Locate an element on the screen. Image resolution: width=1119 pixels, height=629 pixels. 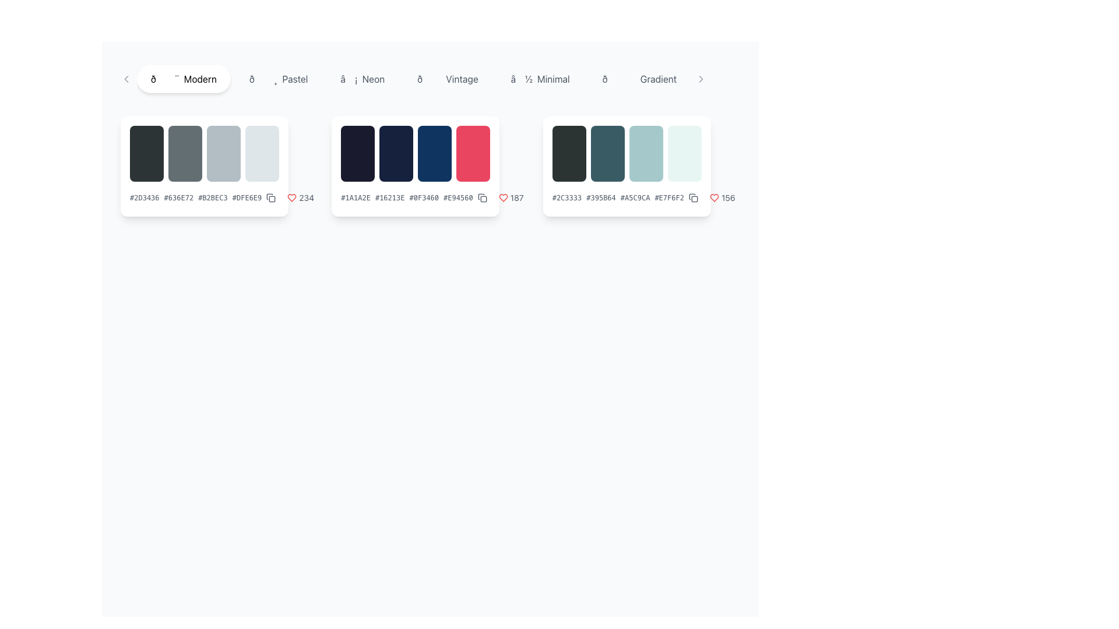
the static text label that provides the hexadecimal code representation of the associated color, located between the elements displaying '#2C3333' and '#A5C9CA' is located at coordinates (601, 197).